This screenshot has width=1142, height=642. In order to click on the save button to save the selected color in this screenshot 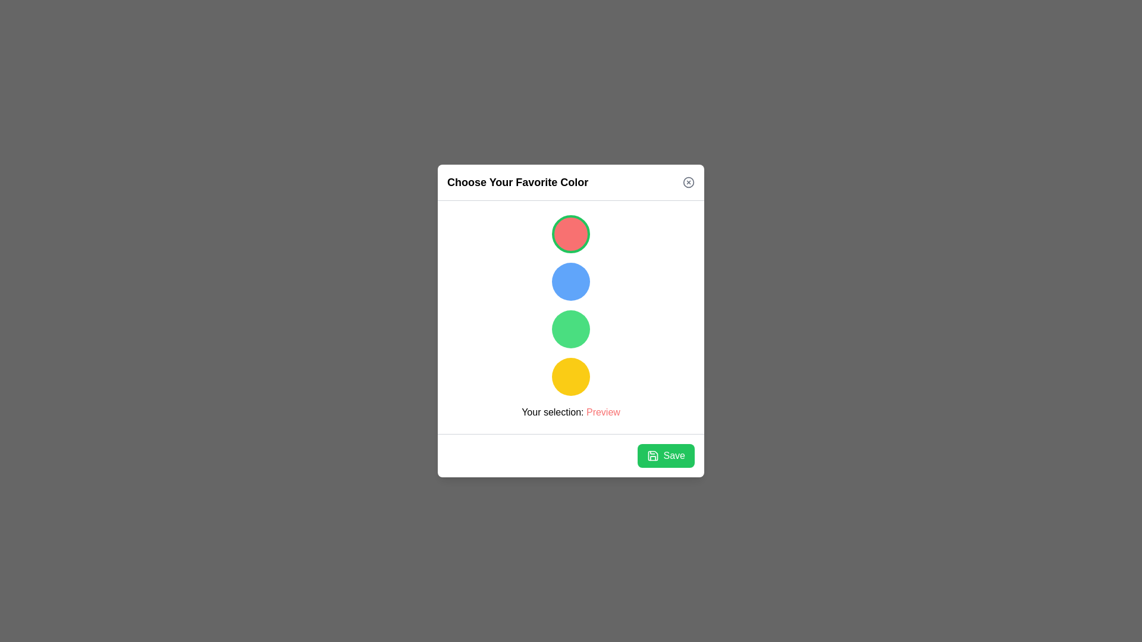, I will do `click(664, 455)`.